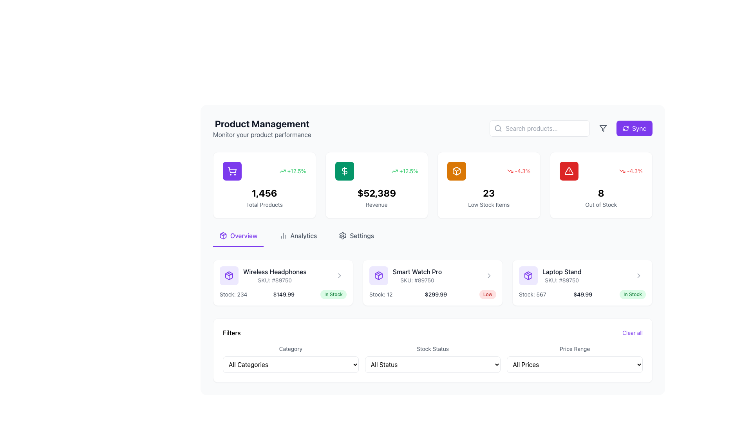 The height and width of the screenshot is (423, 752). I want to click on the box icon with a geometric cut-off style located in the top-right corner of the functionality card, which has a white stroke on a transparent background, so click(457, 170).